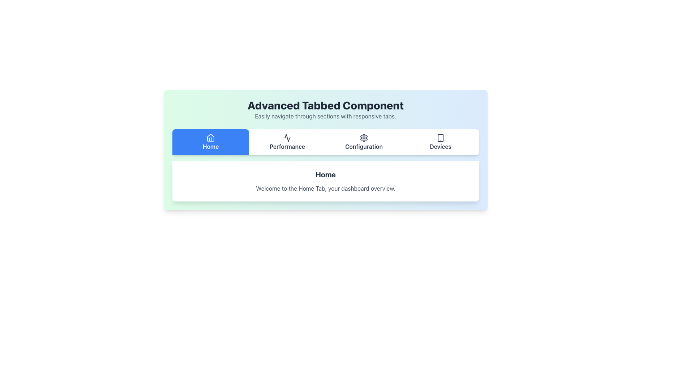 This screenshot has width=694, height=390. Describe the element at coordinates (364, 142) in the screenshot. I see `the third tab button that facilitates navigation to the 'Configuration' section, positioned between the 'Performance' and 'Devices' tabs` at that location.